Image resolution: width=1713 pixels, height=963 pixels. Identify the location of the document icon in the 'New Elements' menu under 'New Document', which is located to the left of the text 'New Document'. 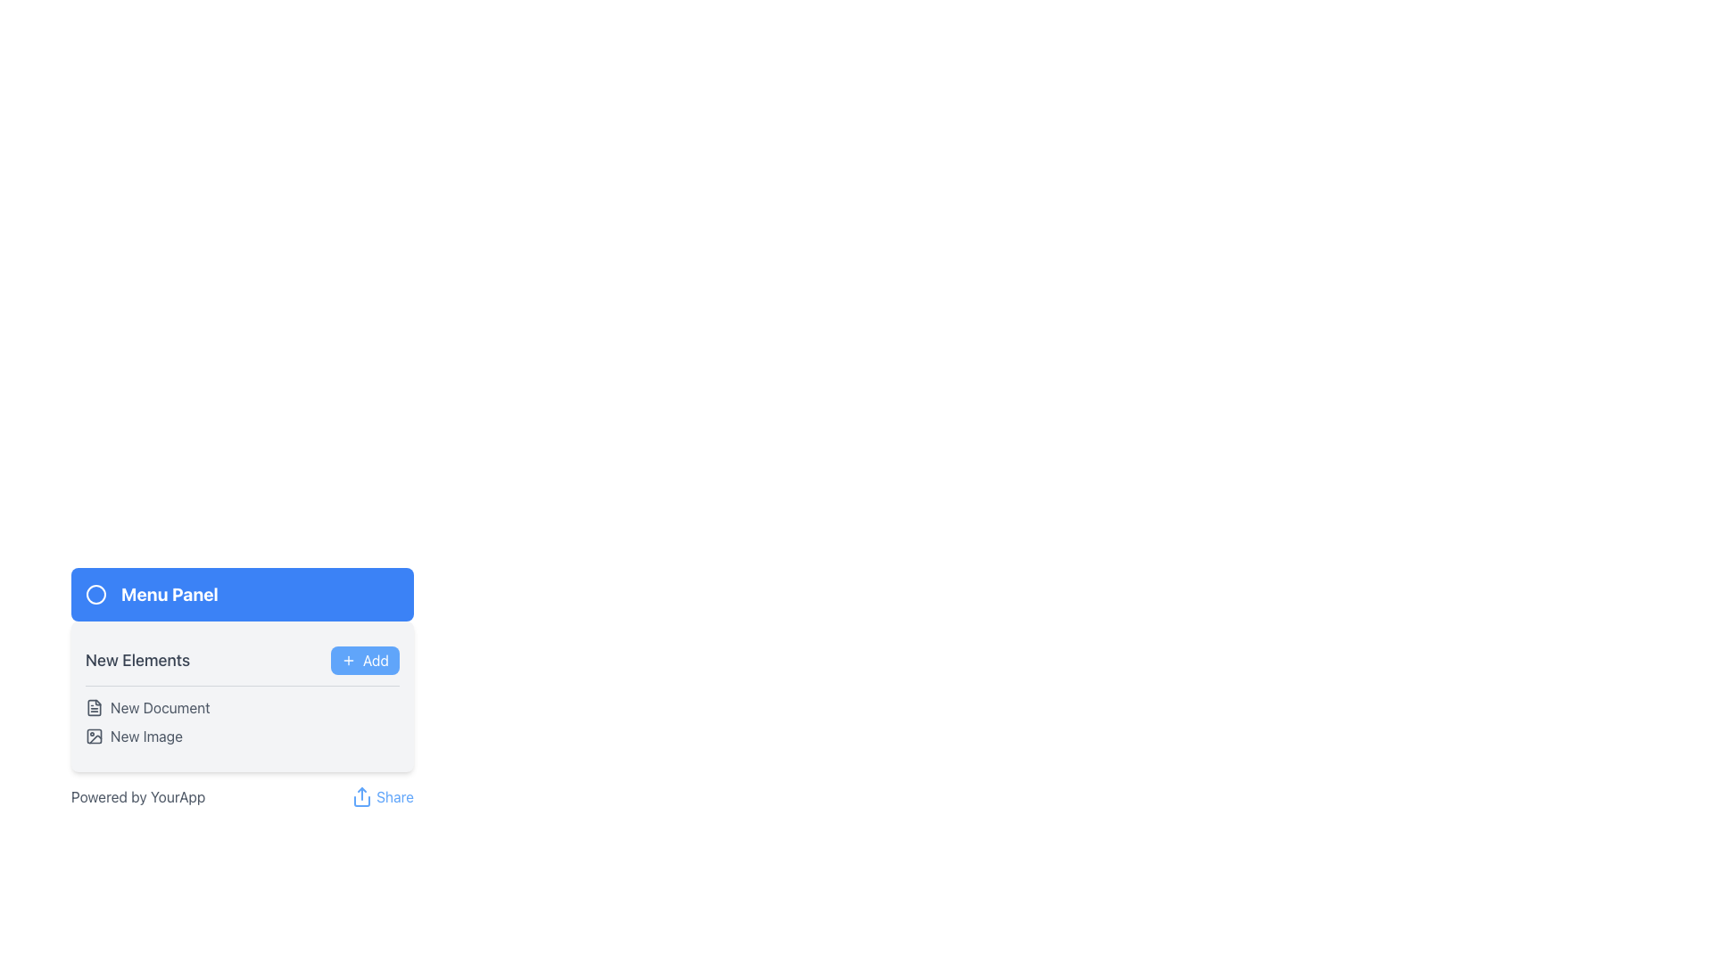
(93, 707).